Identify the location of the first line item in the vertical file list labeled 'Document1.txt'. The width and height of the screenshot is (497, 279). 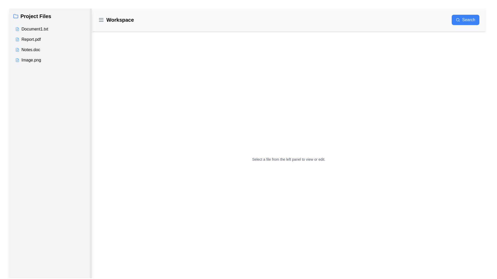
(50, 29).